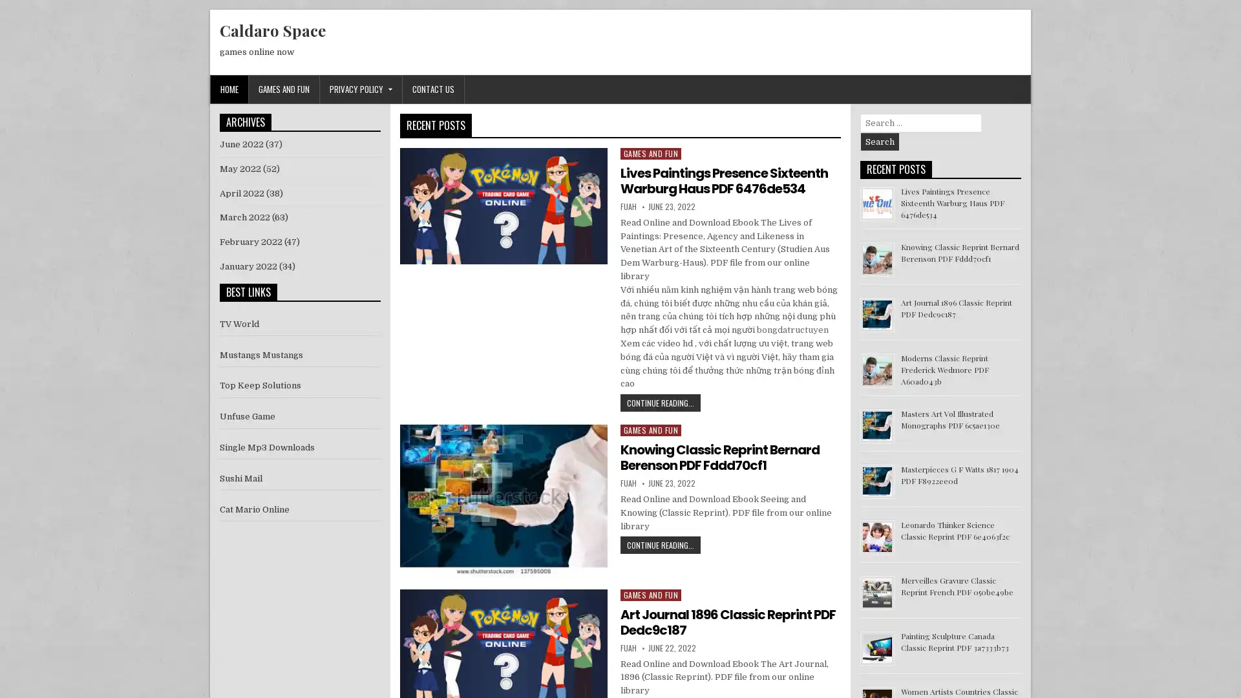  What do you see at coordinates (879, 142) in the screenshot?
I see `Search` at bounding box center [879, 142].